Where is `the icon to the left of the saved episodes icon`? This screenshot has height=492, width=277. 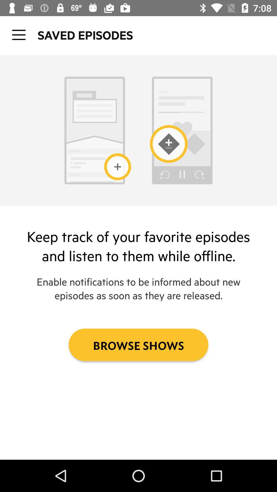
the icon to the left of the saved episodes icon is located at coordinates (18, 35).